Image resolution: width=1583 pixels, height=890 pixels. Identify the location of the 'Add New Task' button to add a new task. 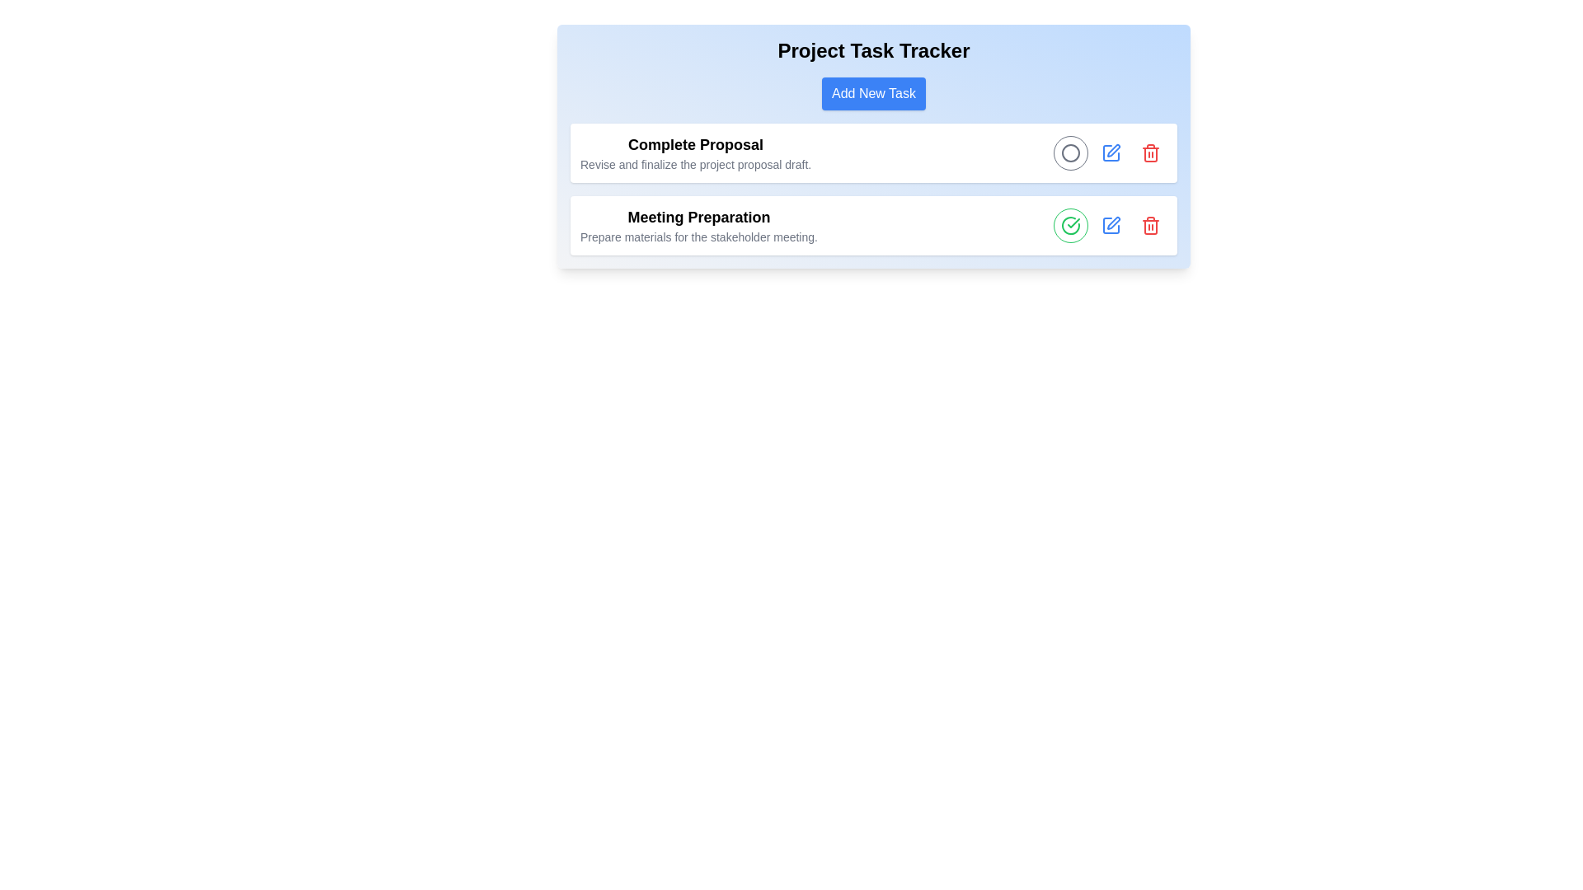
(873, 94).